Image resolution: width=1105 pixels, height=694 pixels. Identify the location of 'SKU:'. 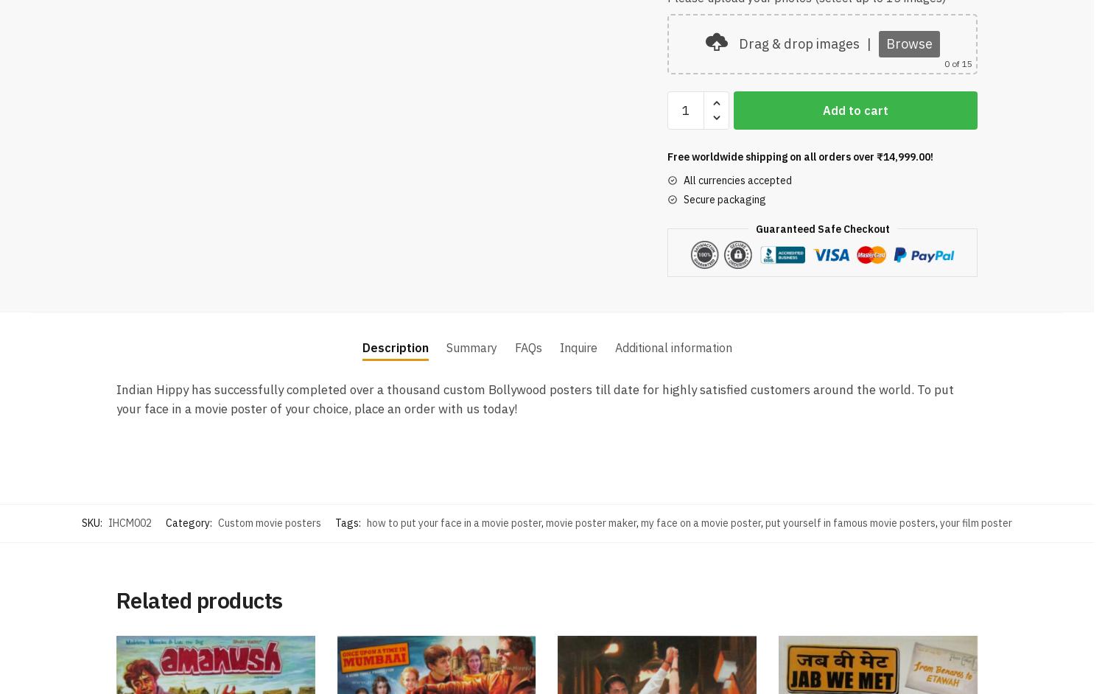
(81, 520).